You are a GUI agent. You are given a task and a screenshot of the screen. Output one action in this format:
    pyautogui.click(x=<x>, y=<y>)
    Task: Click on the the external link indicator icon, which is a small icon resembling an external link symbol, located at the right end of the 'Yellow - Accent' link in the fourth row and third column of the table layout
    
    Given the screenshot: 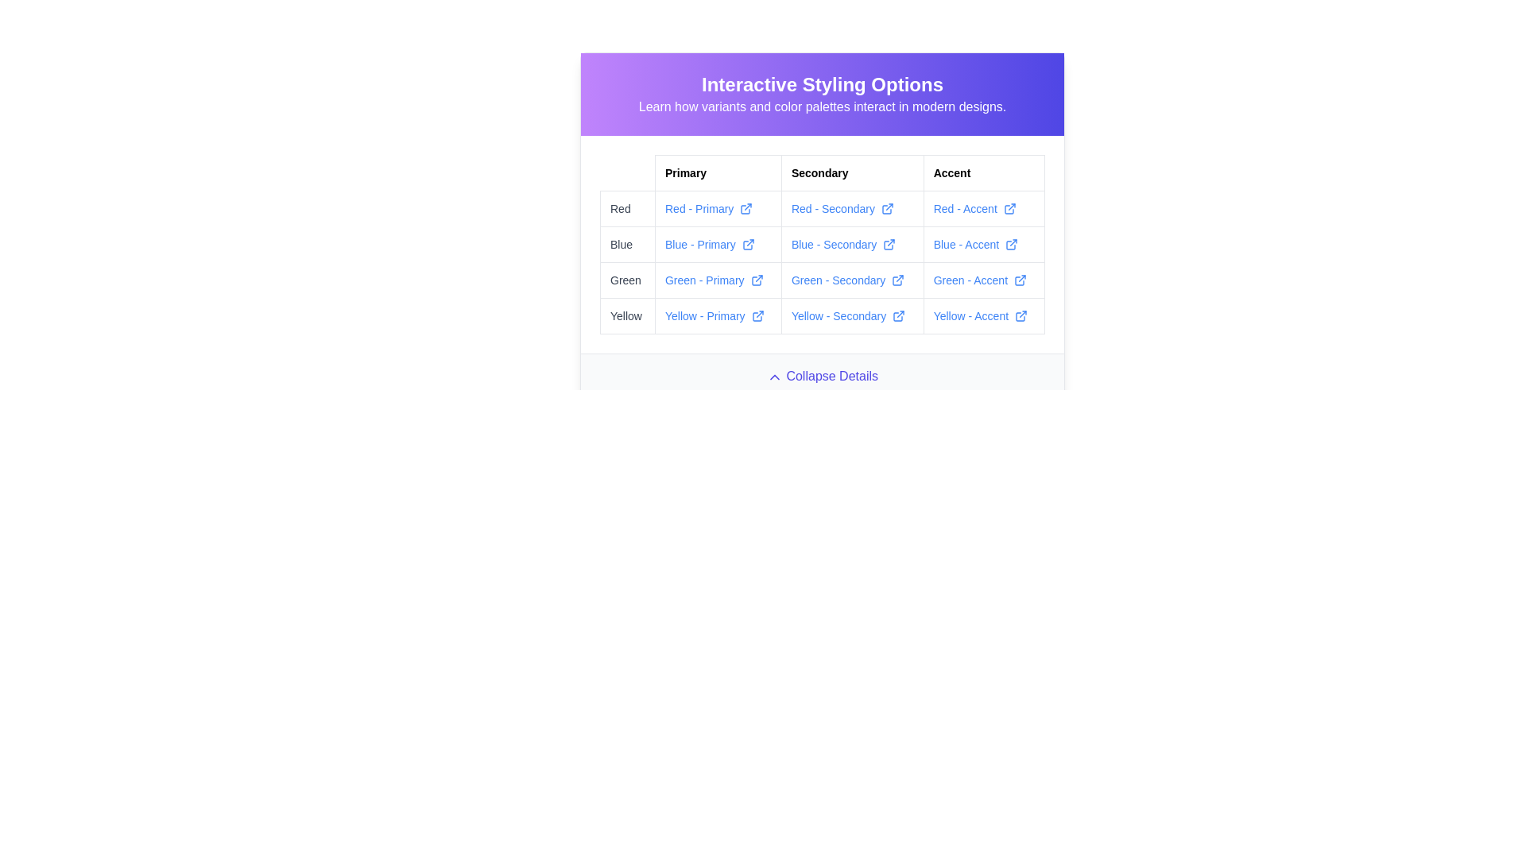 What is the action you would take?
    pyautogui.click(x=1021, y=315)
    